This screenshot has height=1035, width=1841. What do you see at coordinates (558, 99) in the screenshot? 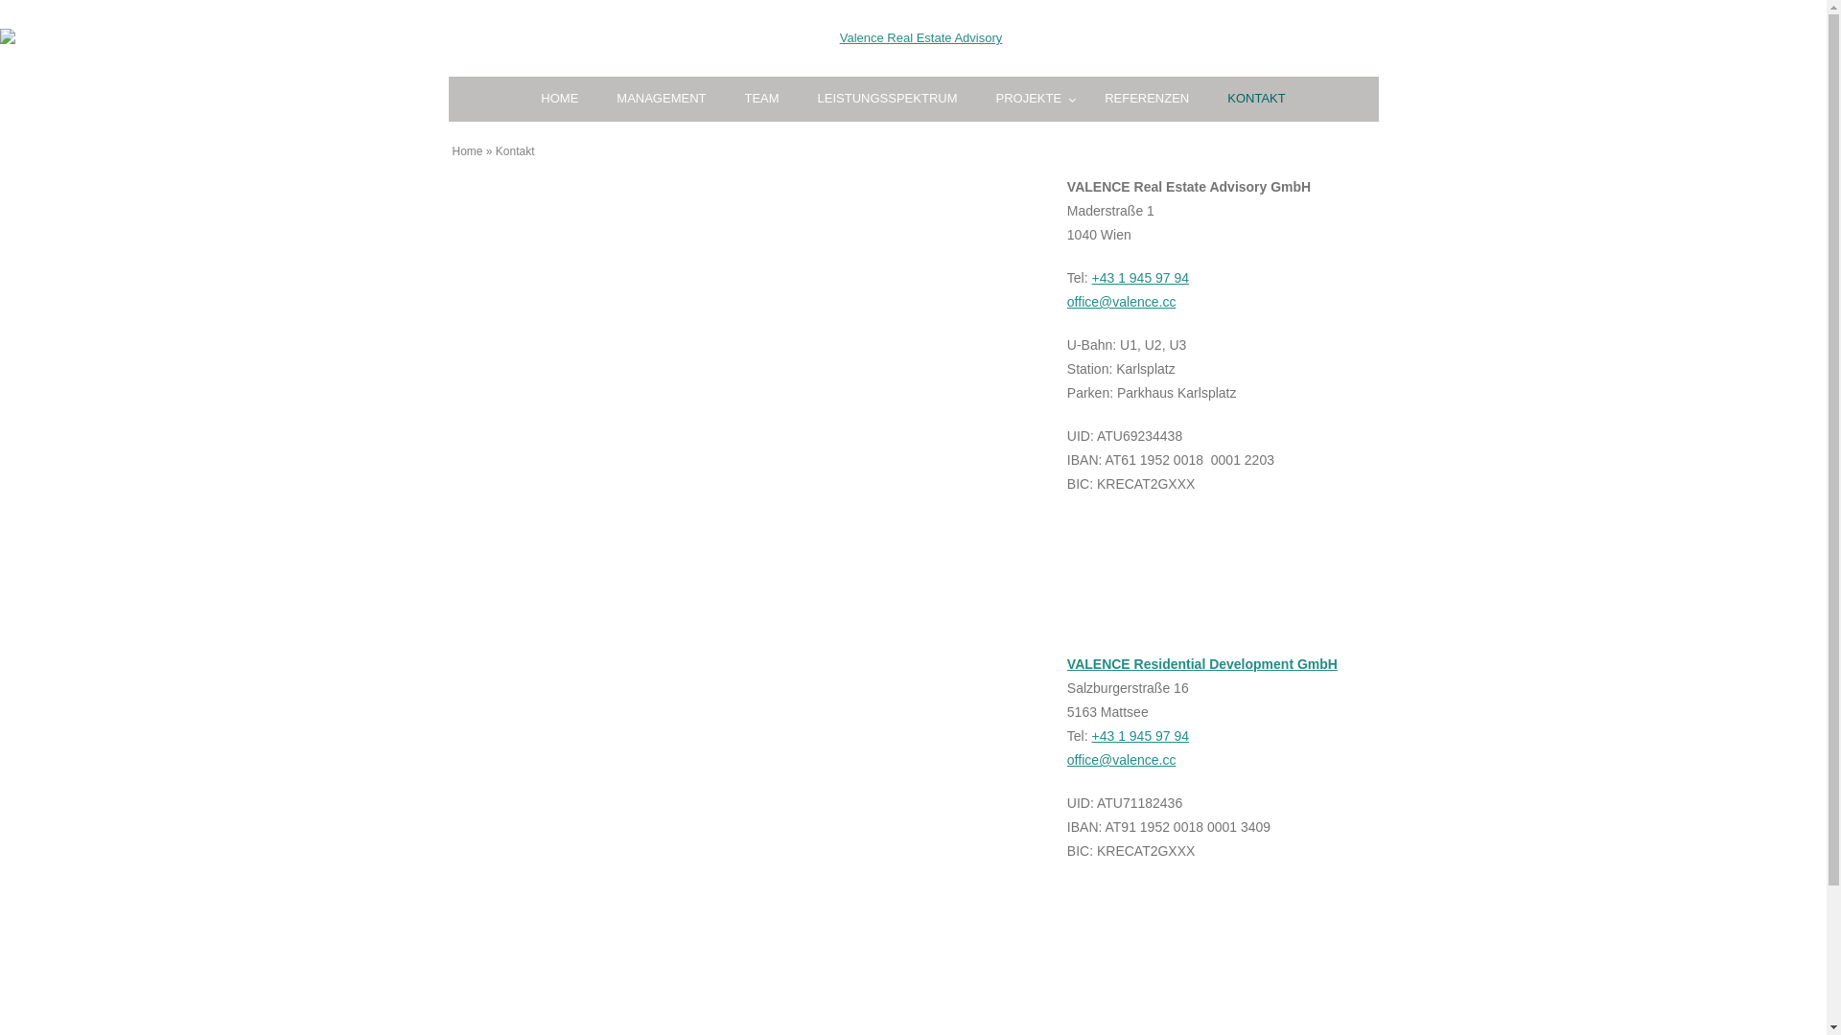
I see `'HOME'` at bounding box center [558, 99].